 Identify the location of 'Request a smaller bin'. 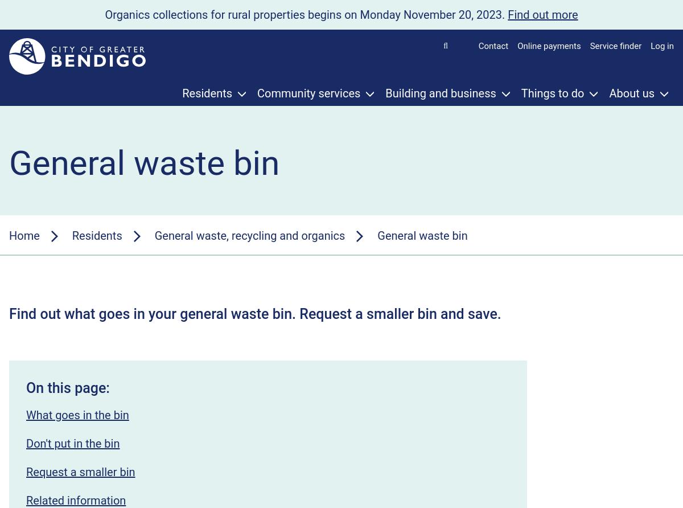
(26, 472).